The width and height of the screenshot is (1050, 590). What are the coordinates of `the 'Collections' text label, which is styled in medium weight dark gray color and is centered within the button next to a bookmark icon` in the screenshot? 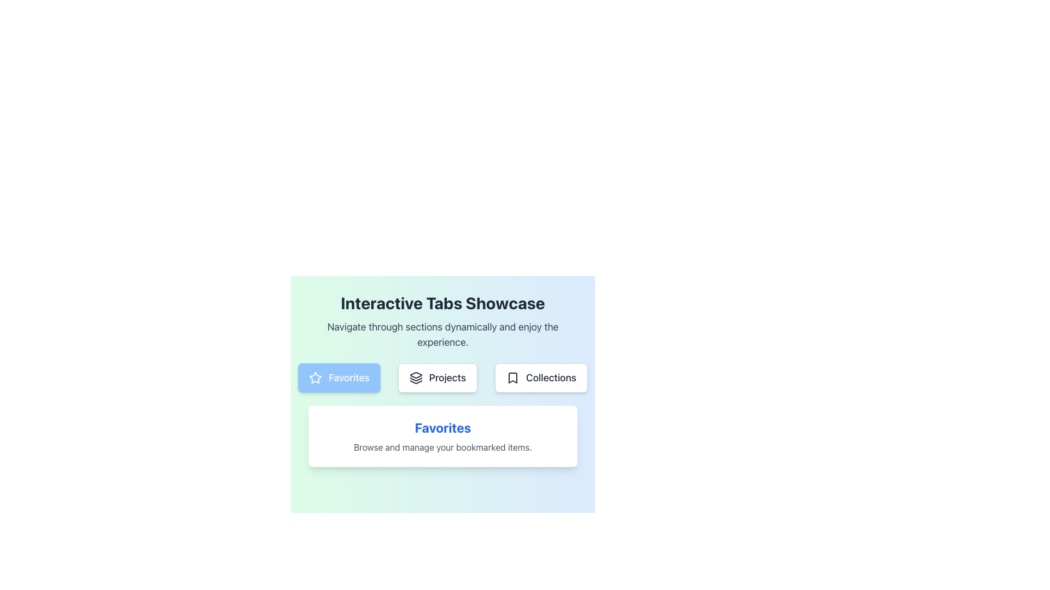 It's located at (551, 377).